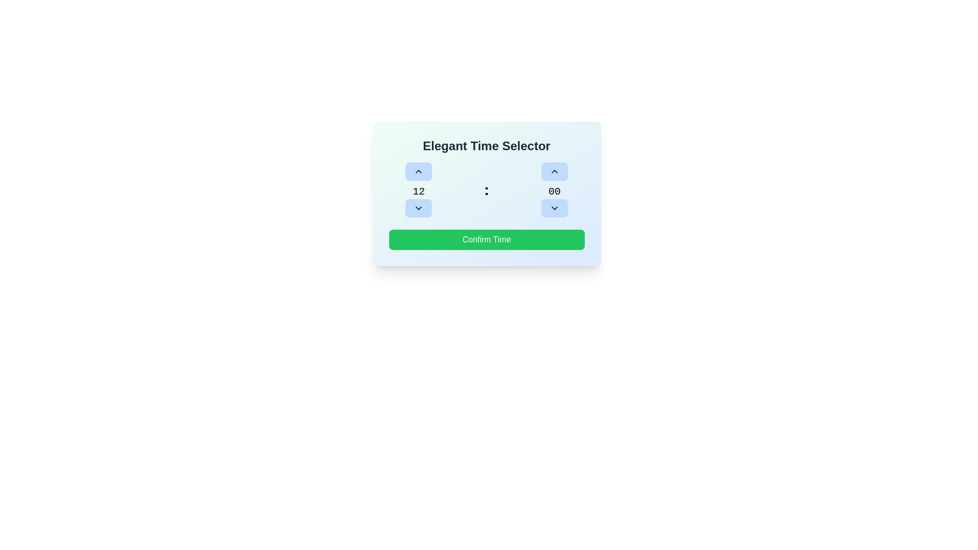 The height and width of the screenshot is (550, 978). I want to click on the chevron icon button located in the top-right position of the time selector interface, so click(554, 171).